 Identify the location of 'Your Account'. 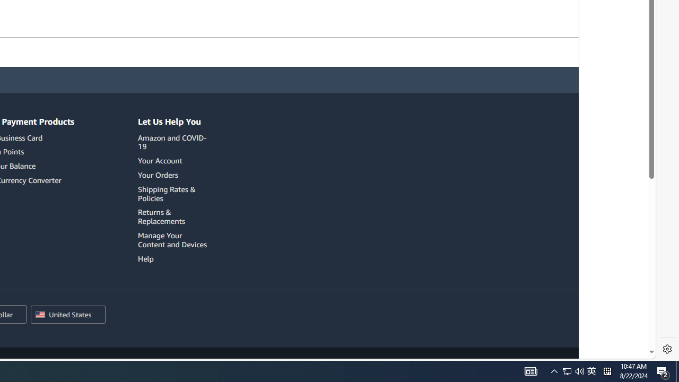
(160, 161).